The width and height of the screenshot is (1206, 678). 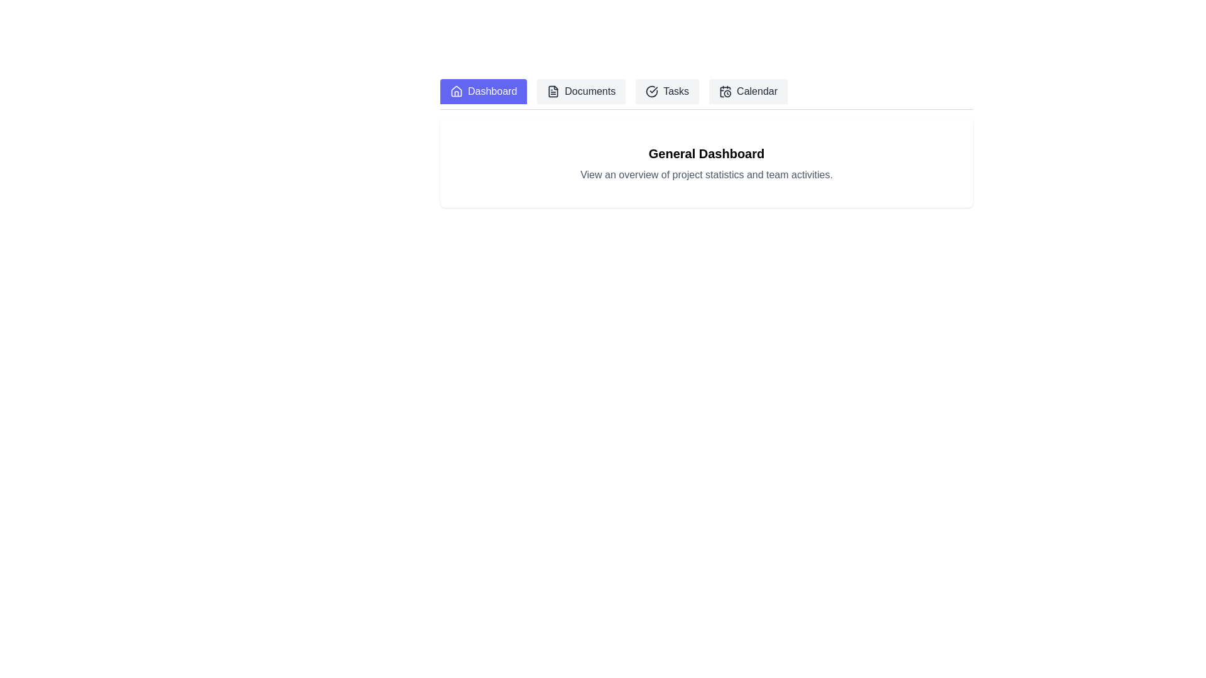 I want to click on the 'General Dashboard' heading, which serves as the title for the section and is located near the upper center of the interface, so click(x=706, y=153).